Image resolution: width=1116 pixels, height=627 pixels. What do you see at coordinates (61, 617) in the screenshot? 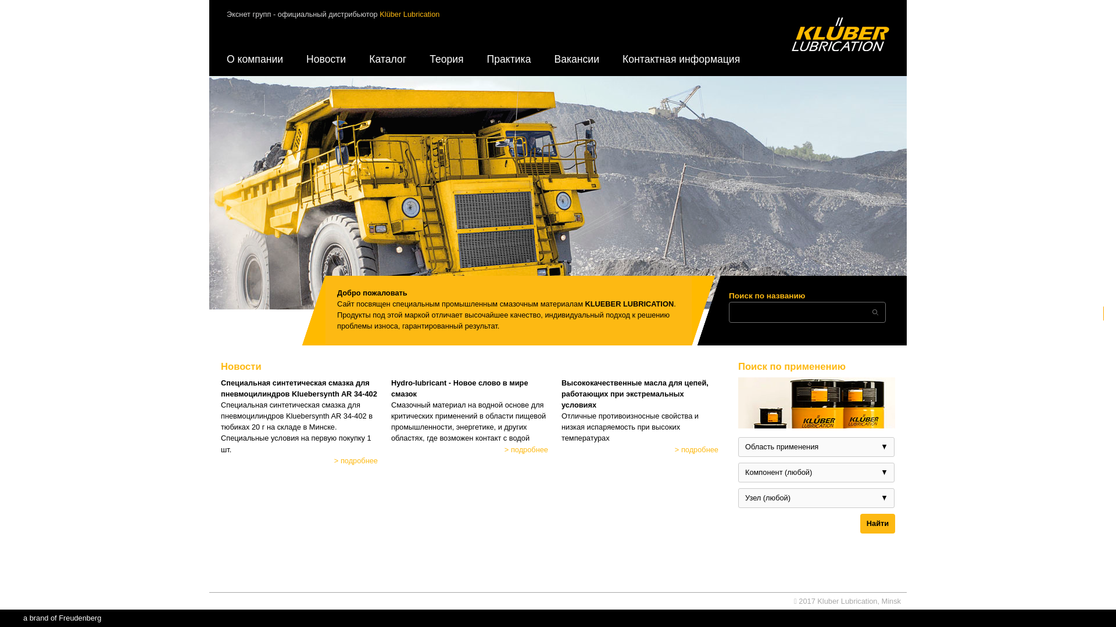
I see `'a brand of Freudenberg'` at bounding box center [61, 617].